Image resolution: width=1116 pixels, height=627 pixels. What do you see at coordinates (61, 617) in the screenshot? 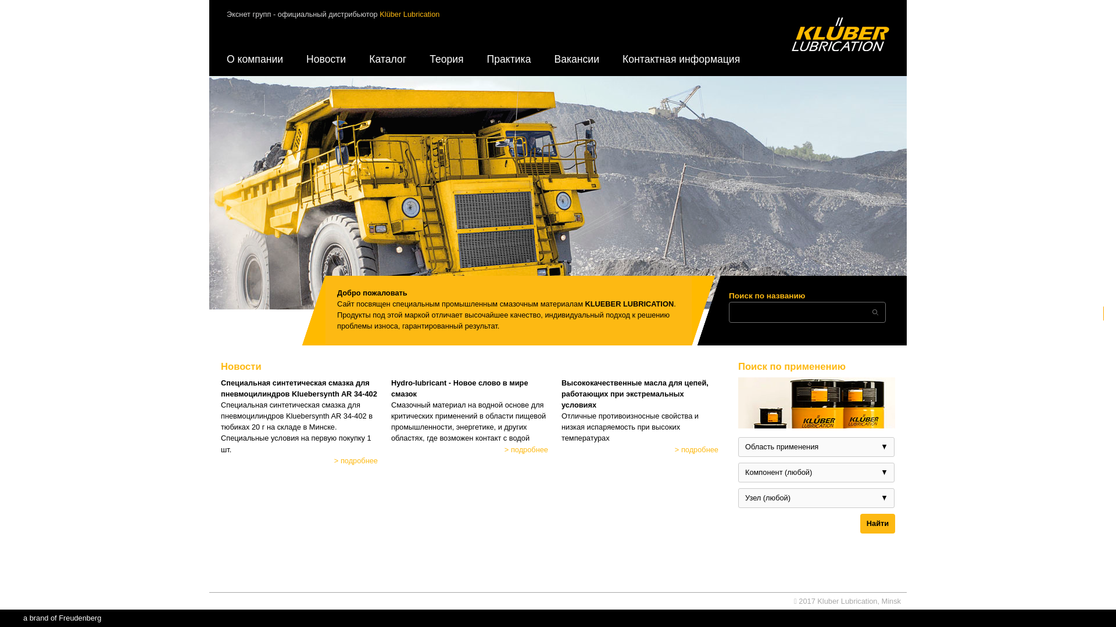
I see `'a brand of Freudenberg'` at bounding box center [61, 617].